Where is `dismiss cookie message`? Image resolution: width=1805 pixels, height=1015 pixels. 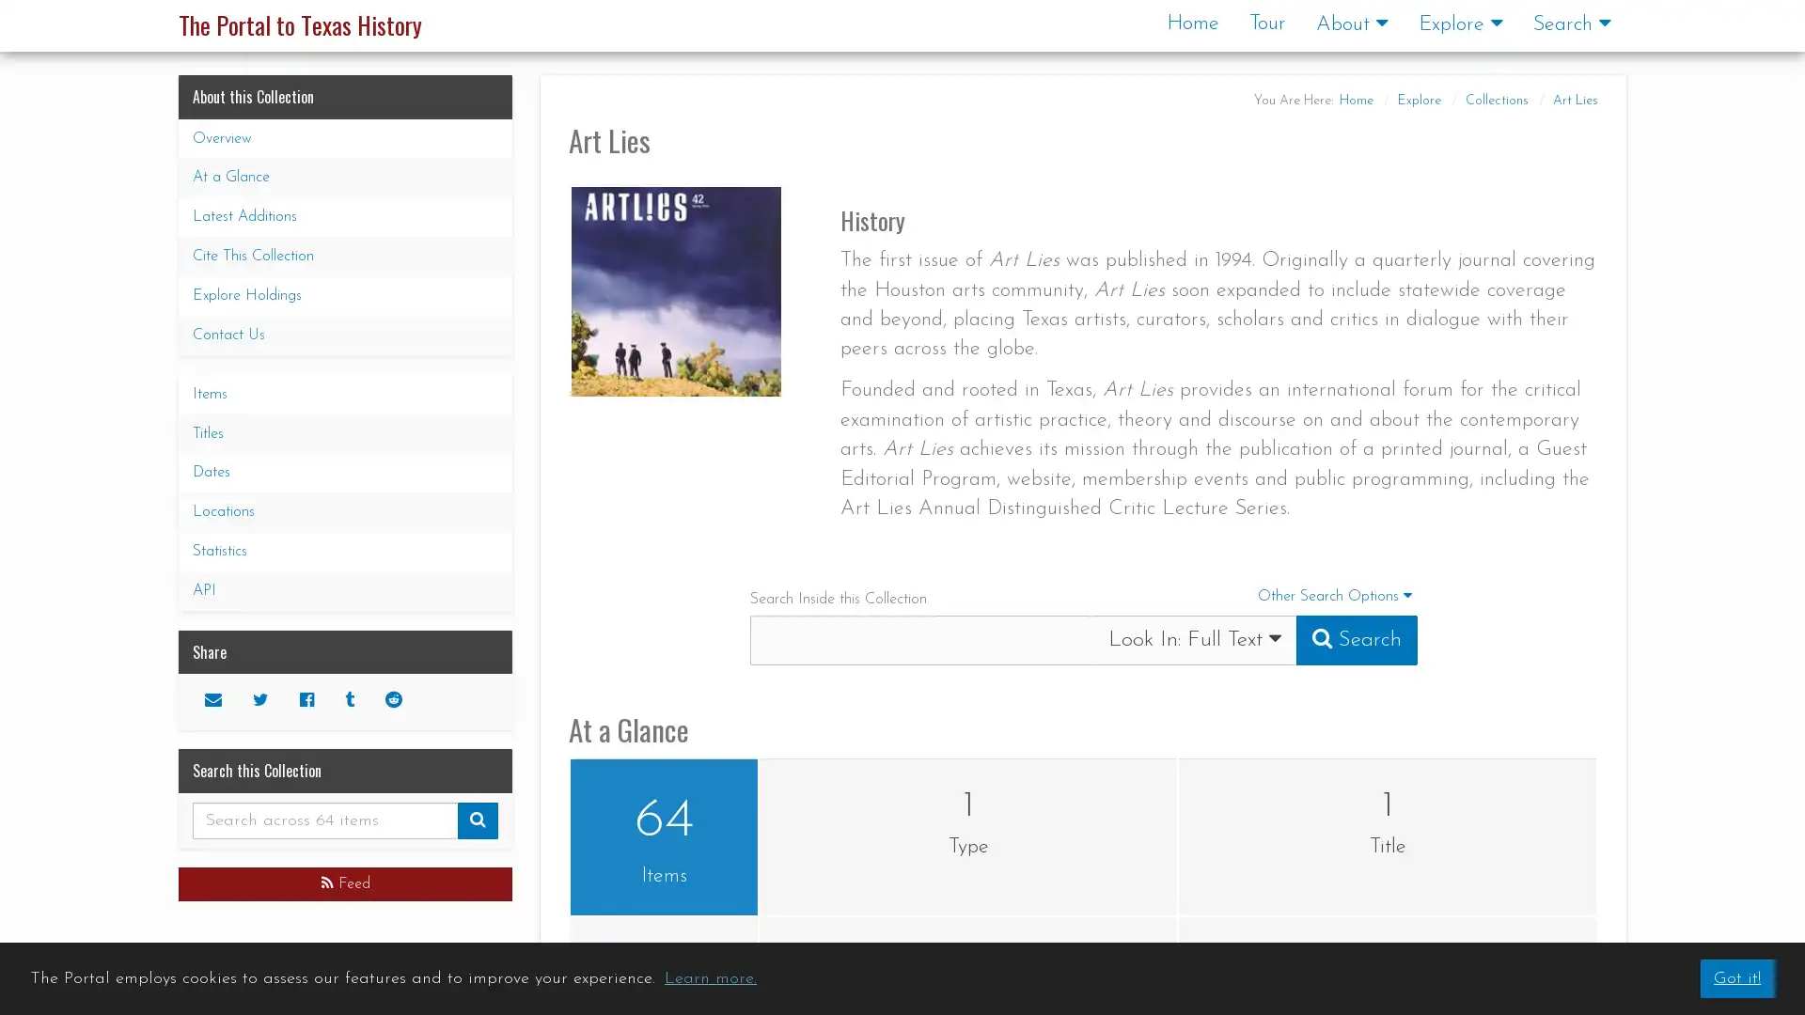
dismiss cookie message is located at coordinates (1735, 977).